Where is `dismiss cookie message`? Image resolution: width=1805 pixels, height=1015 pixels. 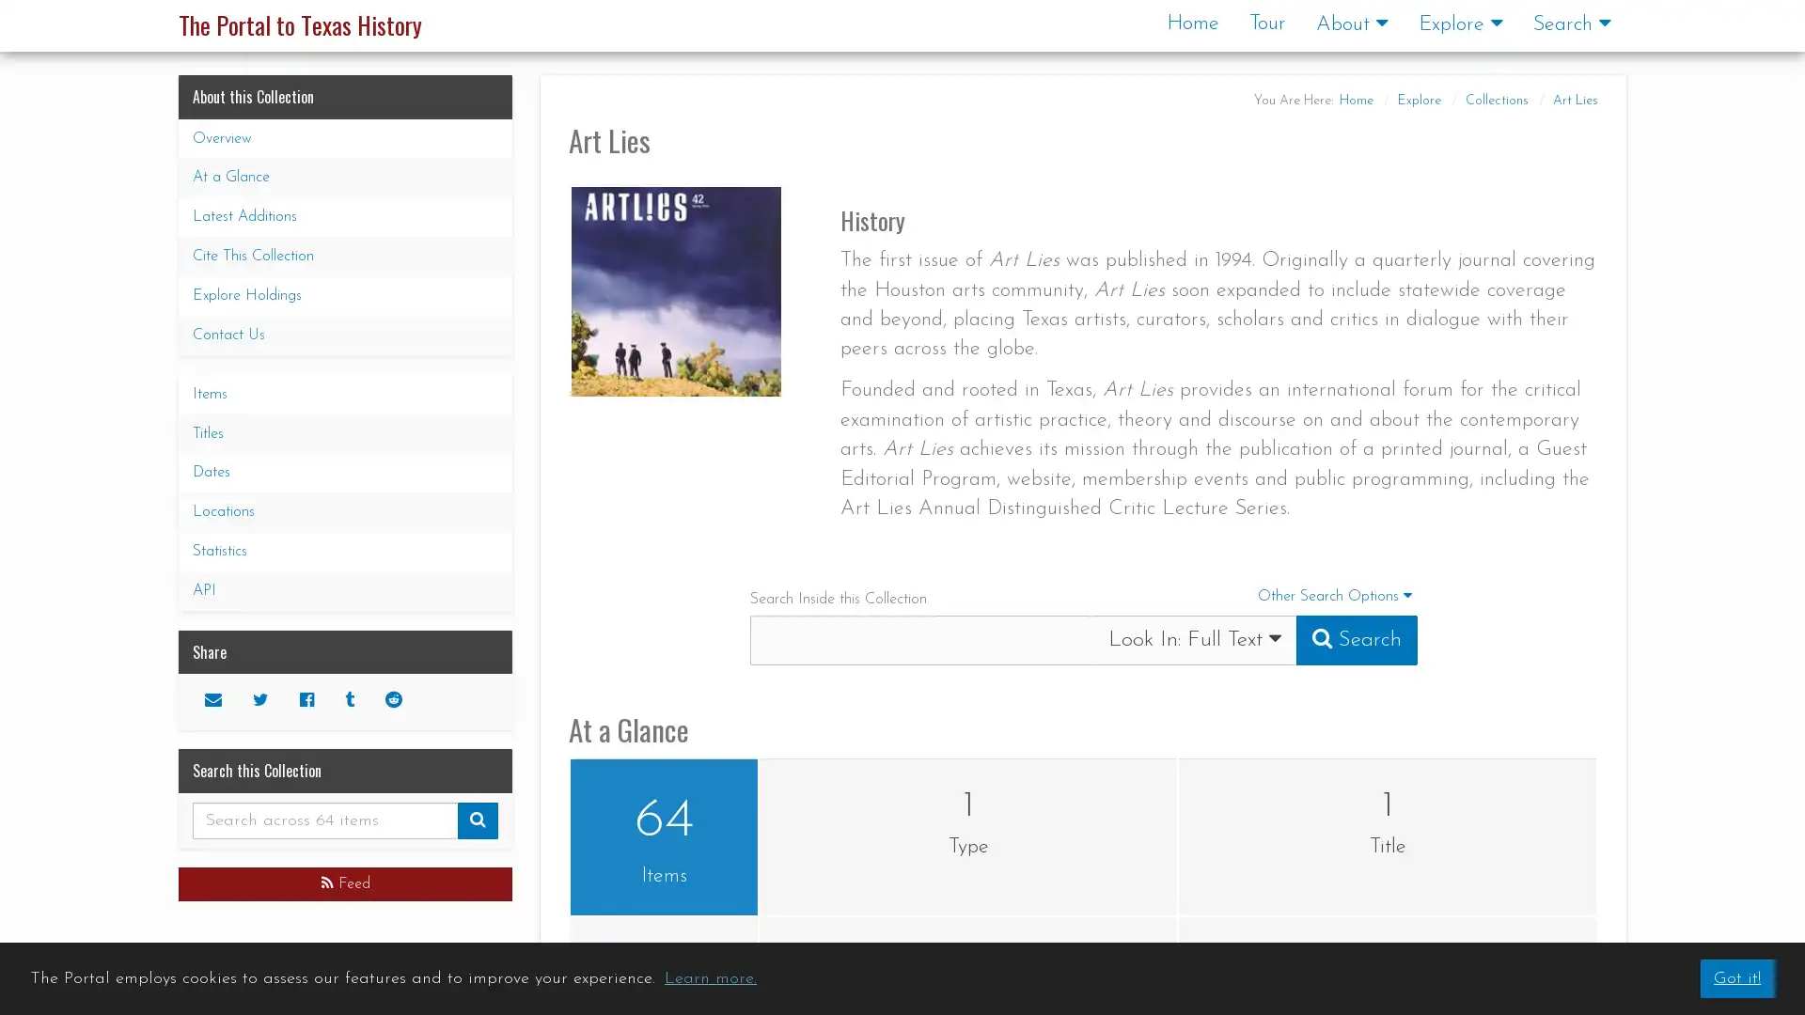
dismiss cookie message is located at coordinates (1735, 977).